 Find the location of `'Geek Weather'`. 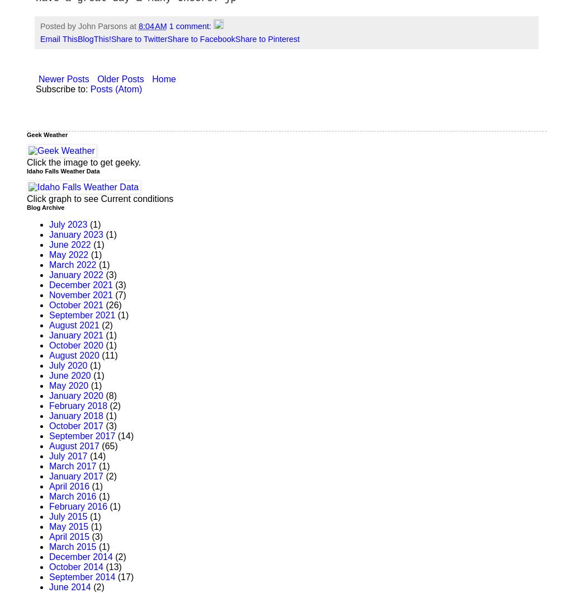

'Geek Weather' is located at coordinates (47, 134).